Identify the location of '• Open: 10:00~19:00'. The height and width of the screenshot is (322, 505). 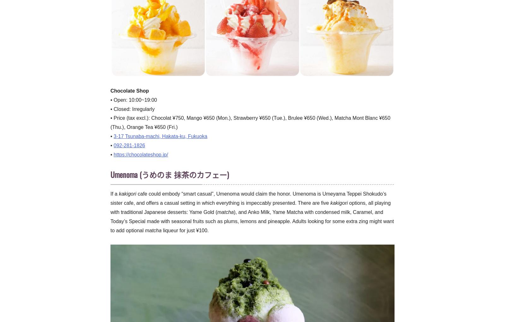
(133, 99).